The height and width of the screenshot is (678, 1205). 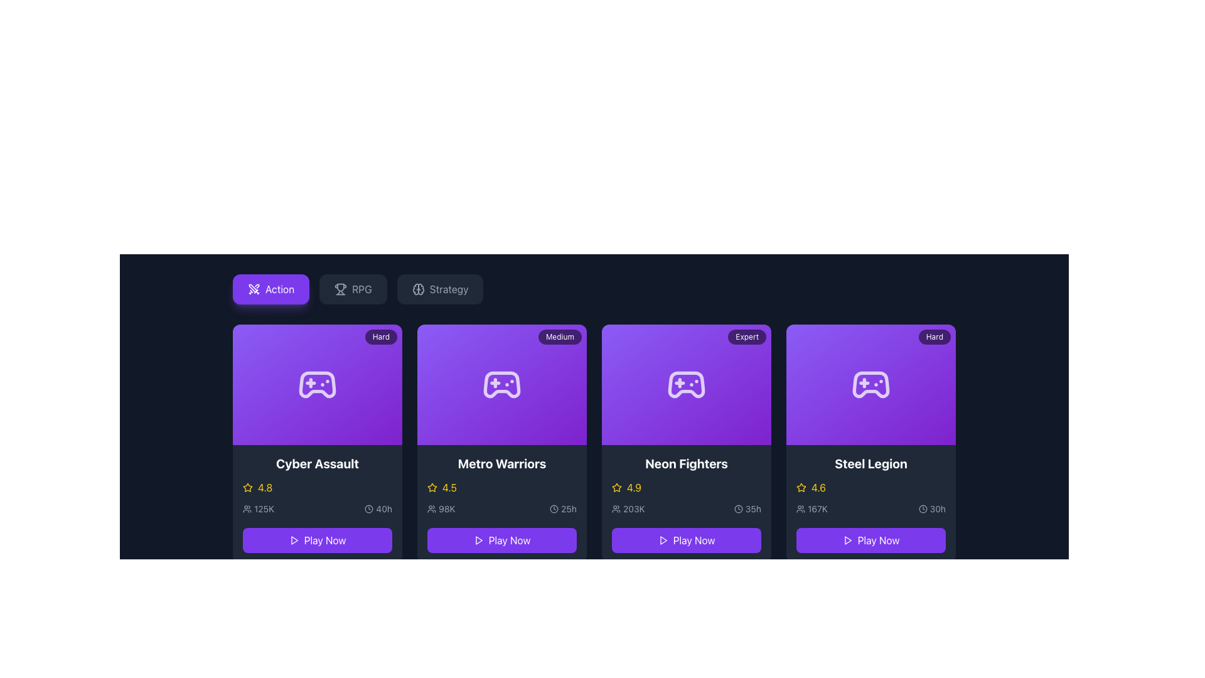 What do you see at coordinates (686, 537) in the screenshot?
I see `the 'Play' button for the game 'Neon Fighters' located at the bottom of the third game card to observe the hover effects` at bounding box center [686, 537].